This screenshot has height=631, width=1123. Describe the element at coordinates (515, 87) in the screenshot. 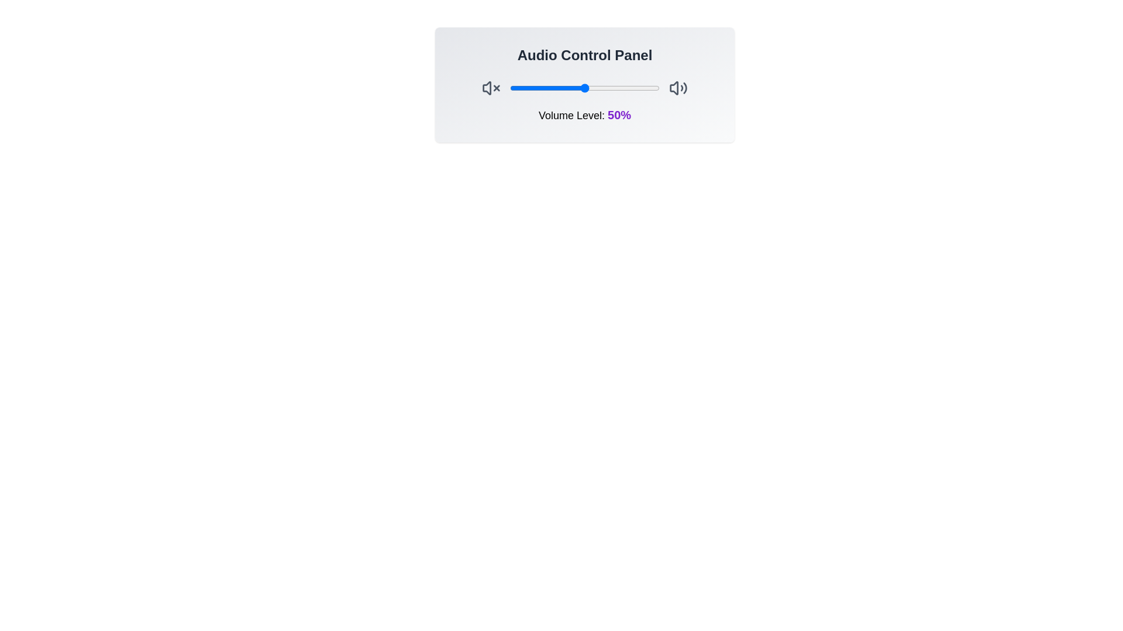

I see `volume` at that location.